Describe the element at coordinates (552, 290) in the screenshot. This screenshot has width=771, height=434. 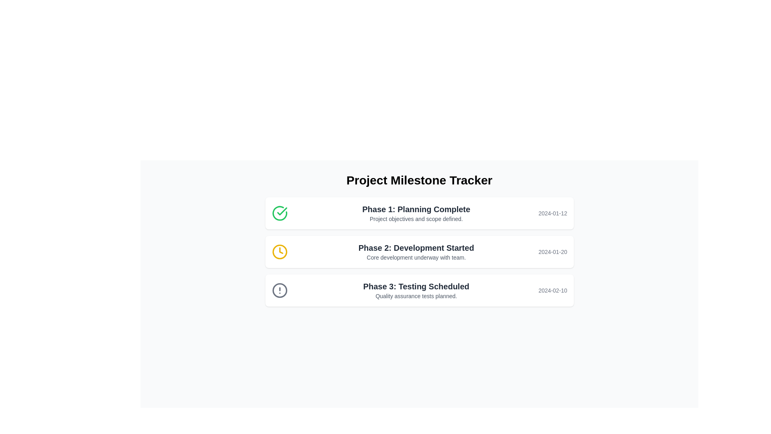
I see `the date text label '2024-02-10' located on the right side within the third record of the milestone tracker list to potentially display a tooltip` at that location.